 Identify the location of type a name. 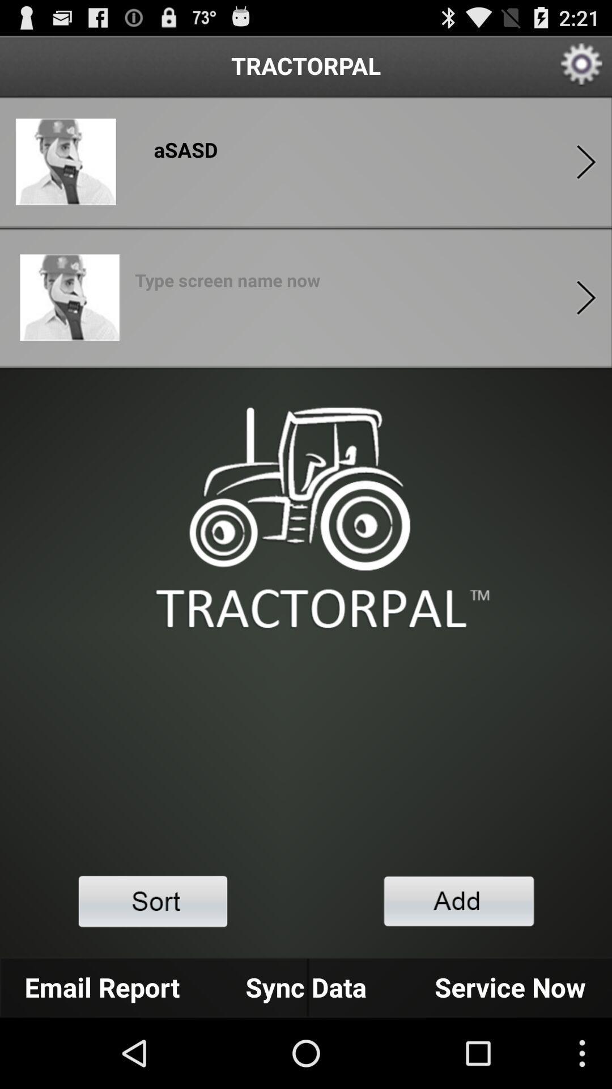
(227, 284).